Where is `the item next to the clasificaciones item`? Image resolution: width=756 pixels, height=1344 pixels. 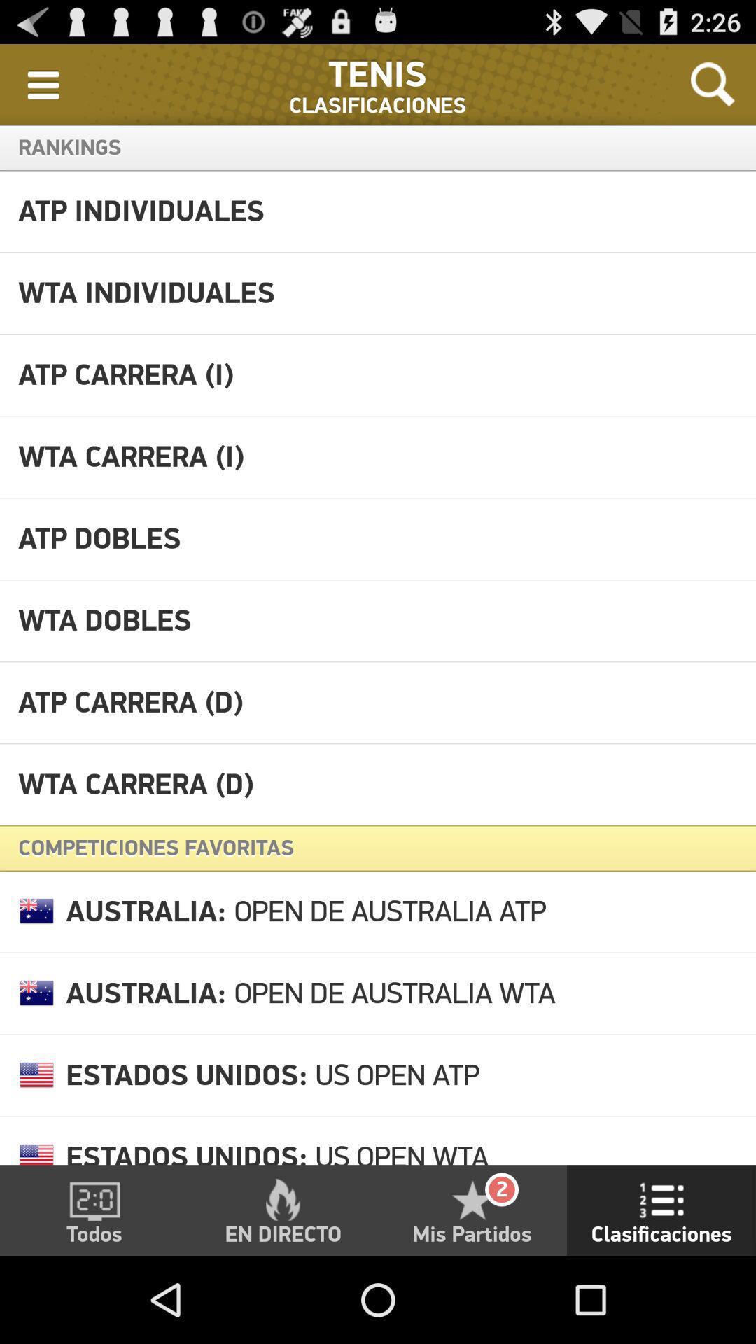
the item next to the clasificaciones item is located at coordinates (42, 83).